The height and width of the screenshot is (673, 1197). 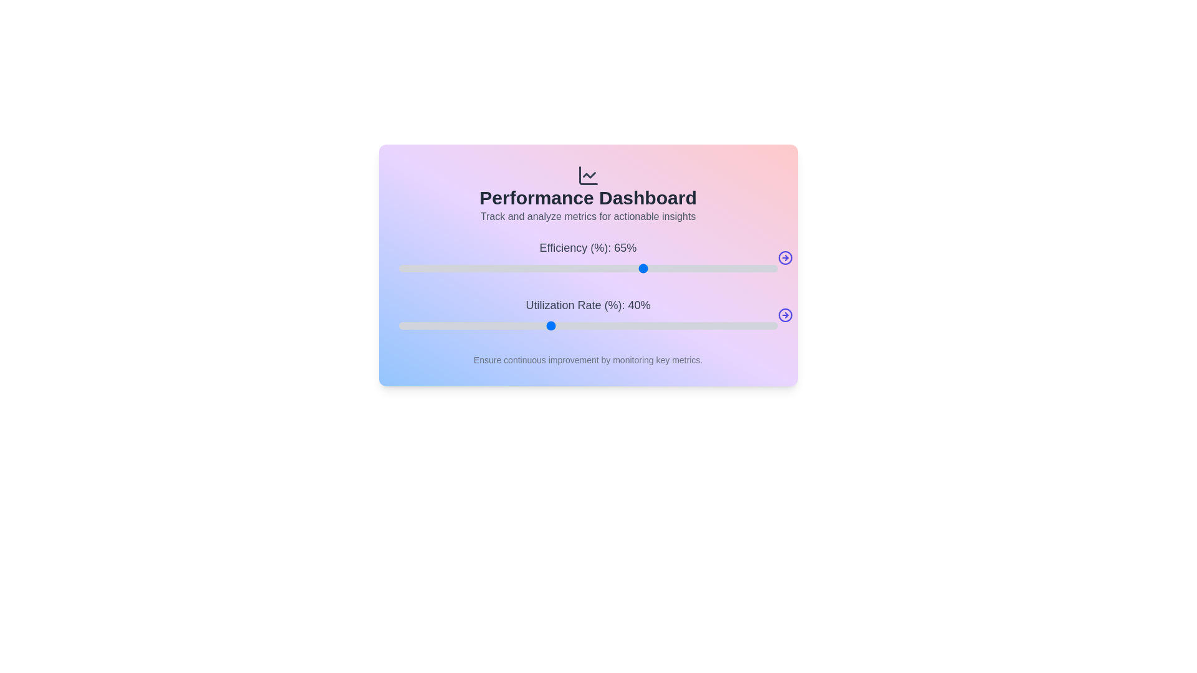 I want to click on the Utilization Rate slider to 92%, so click(x=747, y=325).